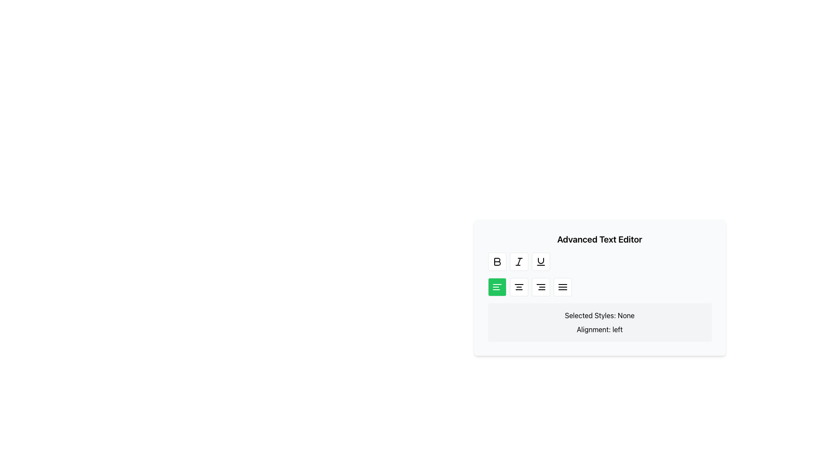  Describe the element at coordinates (599, 329) in the screenshot. I see `the text label displaying 'Alignment: left.' which is located below 'Selected Styles: None.' in the right-central part of the interface` at that location.